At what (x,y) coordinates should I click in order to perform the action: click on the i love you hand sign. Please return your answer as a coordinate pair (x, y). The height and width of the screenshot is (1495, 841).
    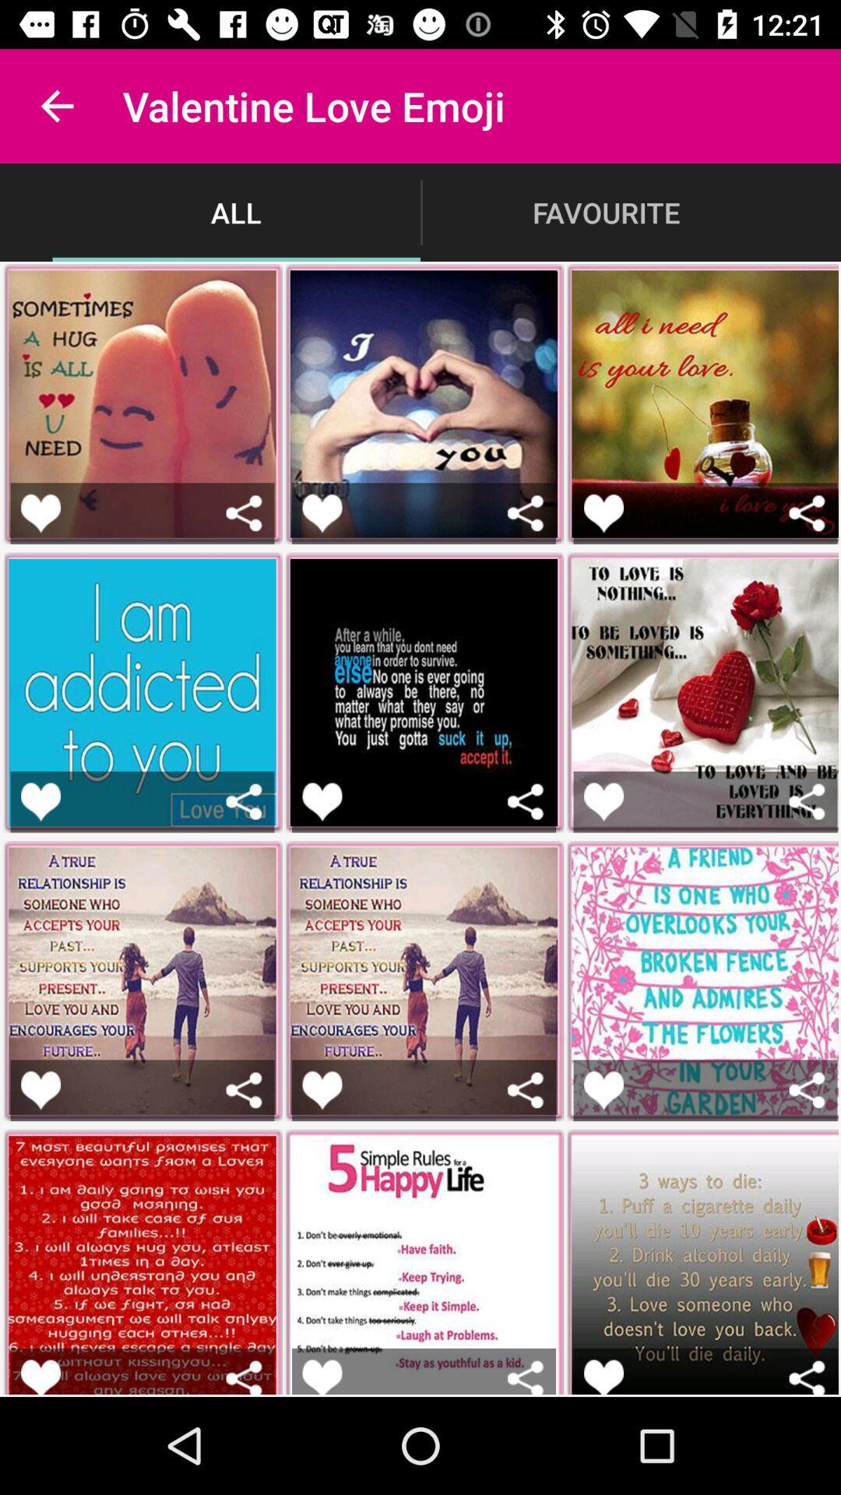
    Looking at the image, I should click on (321, 513).